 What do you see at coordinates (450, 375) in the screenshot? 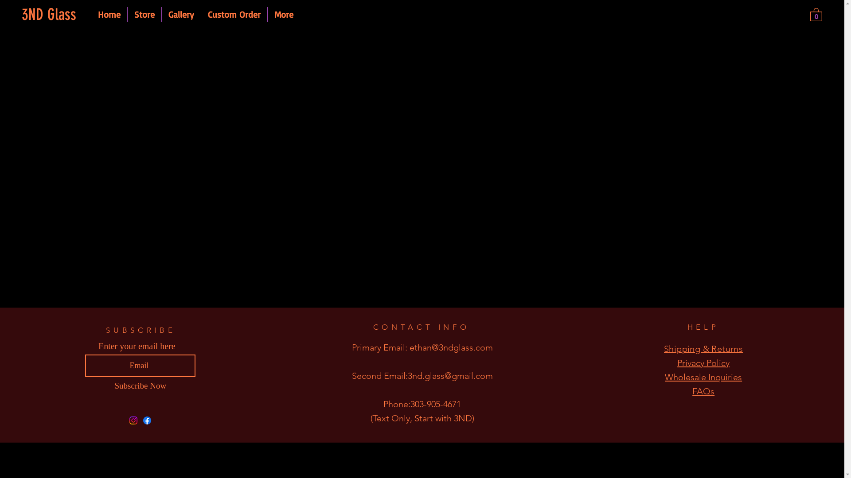
I see `'3nd.glass@gmail.com'` at bounding box center [450, 375].